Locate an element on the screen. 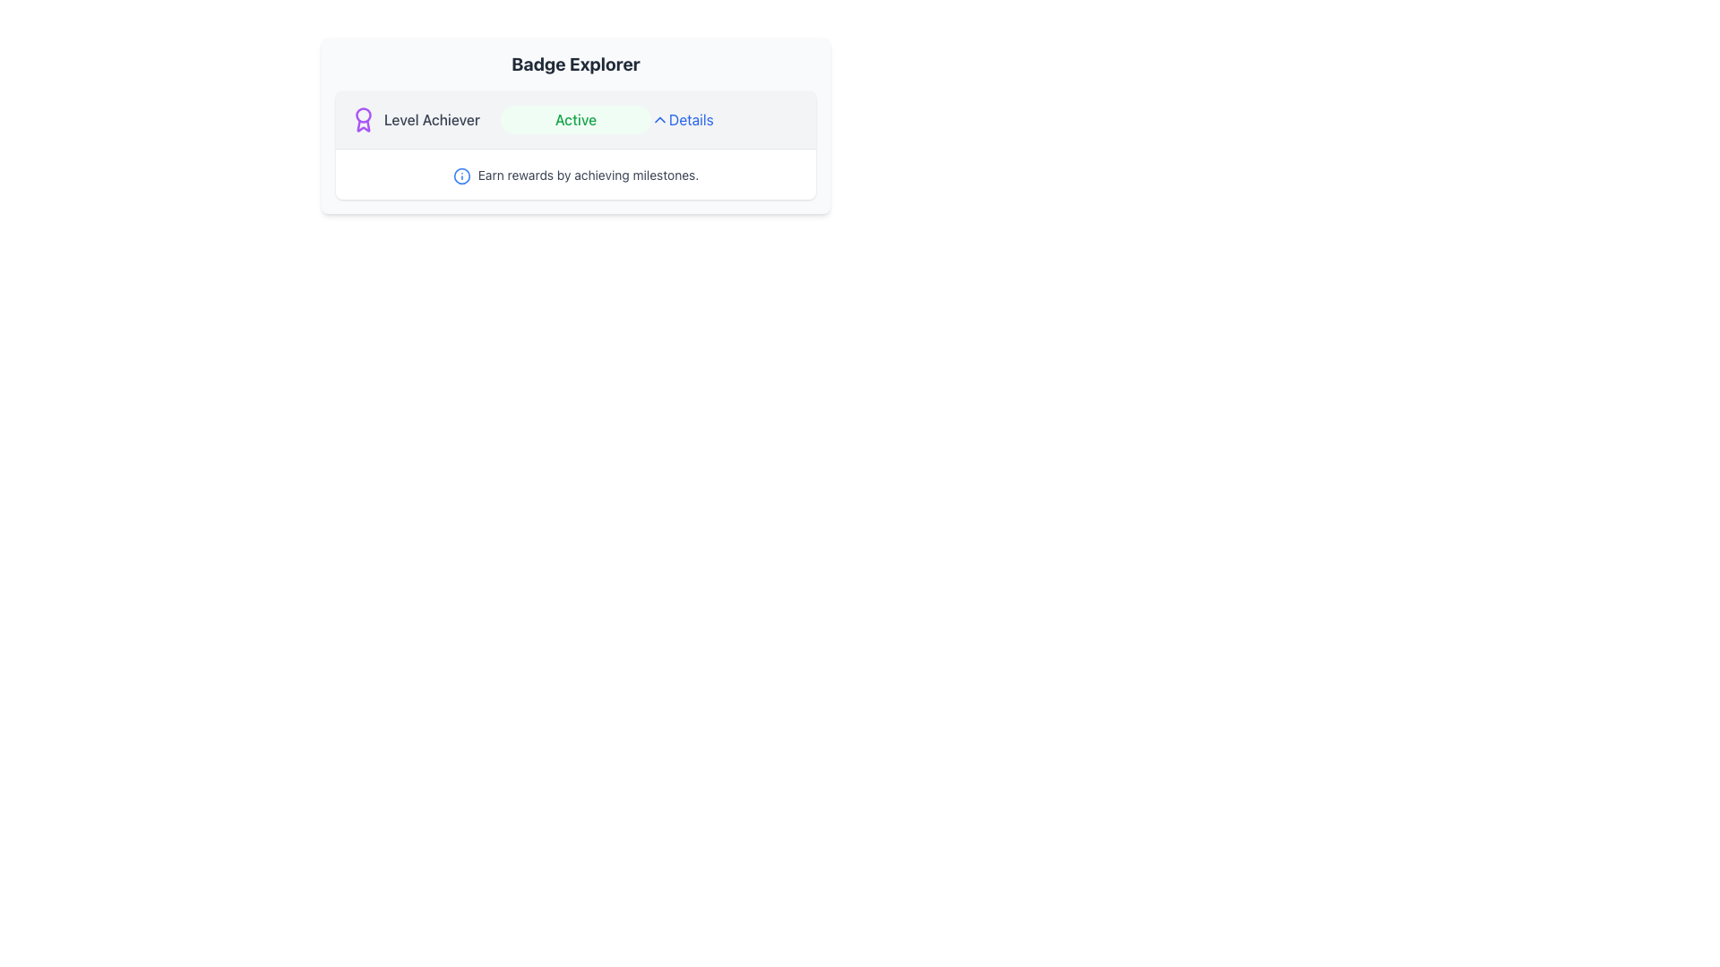  the text label displaying 'Earn rewards by achieving milestones.', which is styled in gray and positioned next to a blue information icon is located at coordinates (589, 175).